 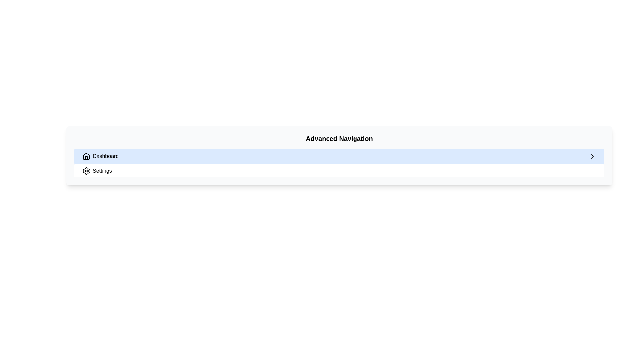 What do you see at coordinates (339, 138) in the screenshot?
I see `bold text label 'Advanced Navigation' that is positioned above other UI elements, acting as a header for the section` at bounding box center [339, 138].